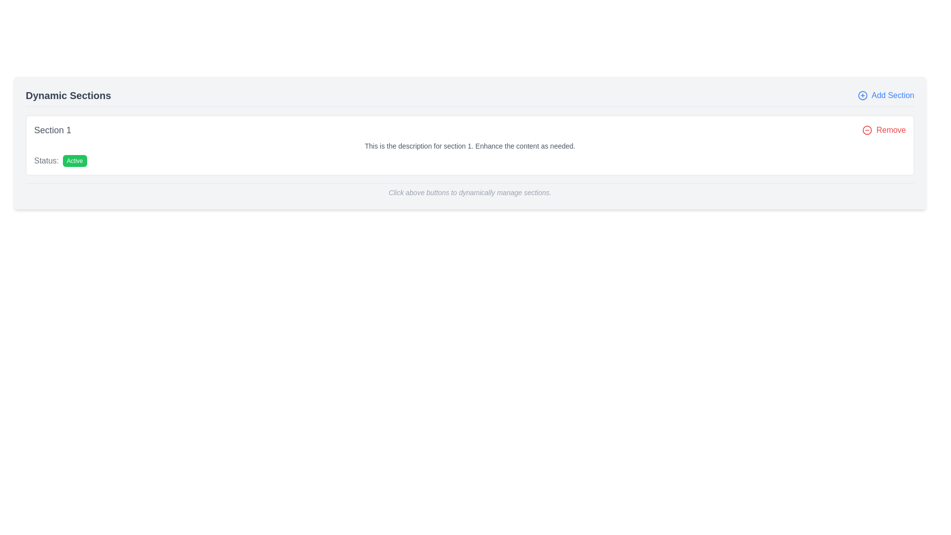  I want to click on the 'Active' badge, which is a rectangular button-like component with a green background and white text, located immediately to the right of the 'Status:' label, so click(74, 160).